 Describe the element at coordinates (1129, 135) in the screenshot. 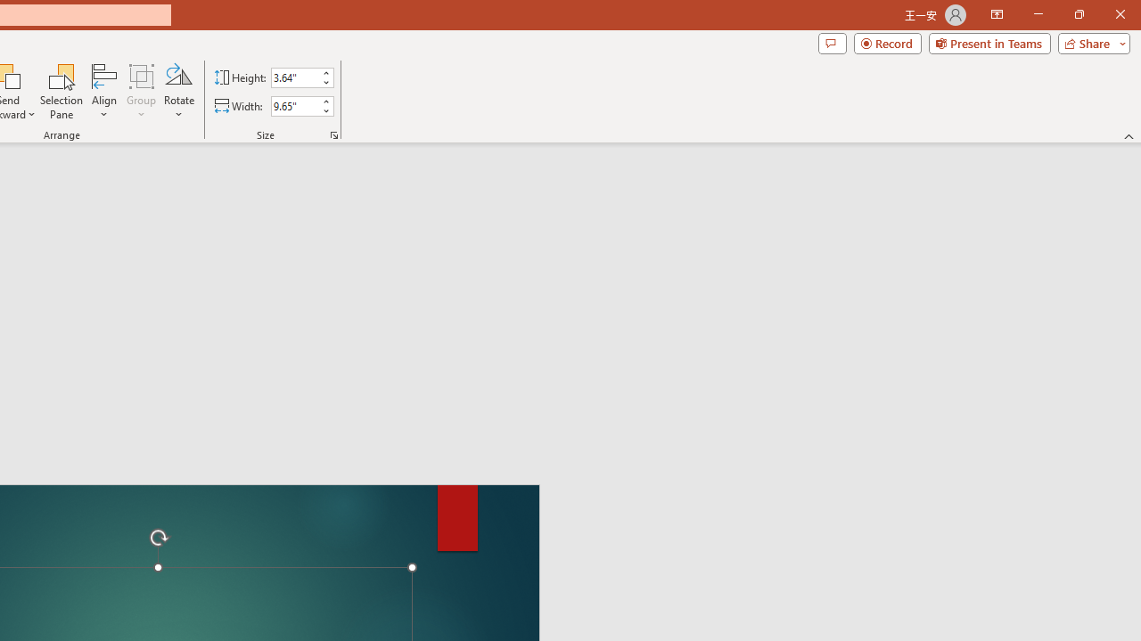

I see `'Collapse the Ribbon'` at that location.